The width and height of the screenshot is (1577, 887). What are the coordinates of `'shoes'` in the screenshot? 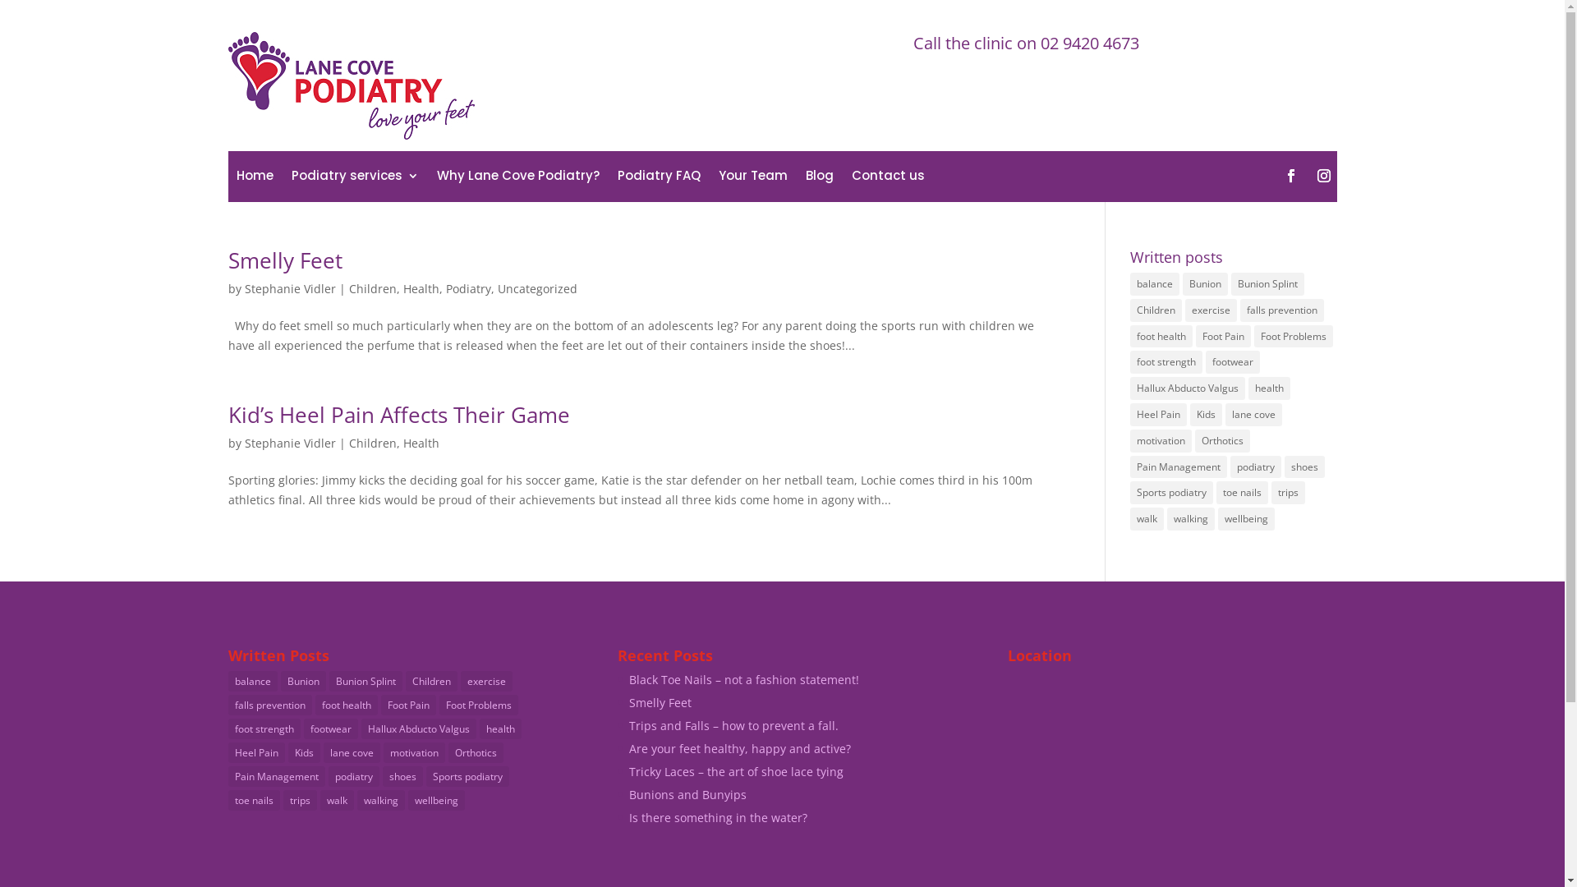 It's located at (402, 776).